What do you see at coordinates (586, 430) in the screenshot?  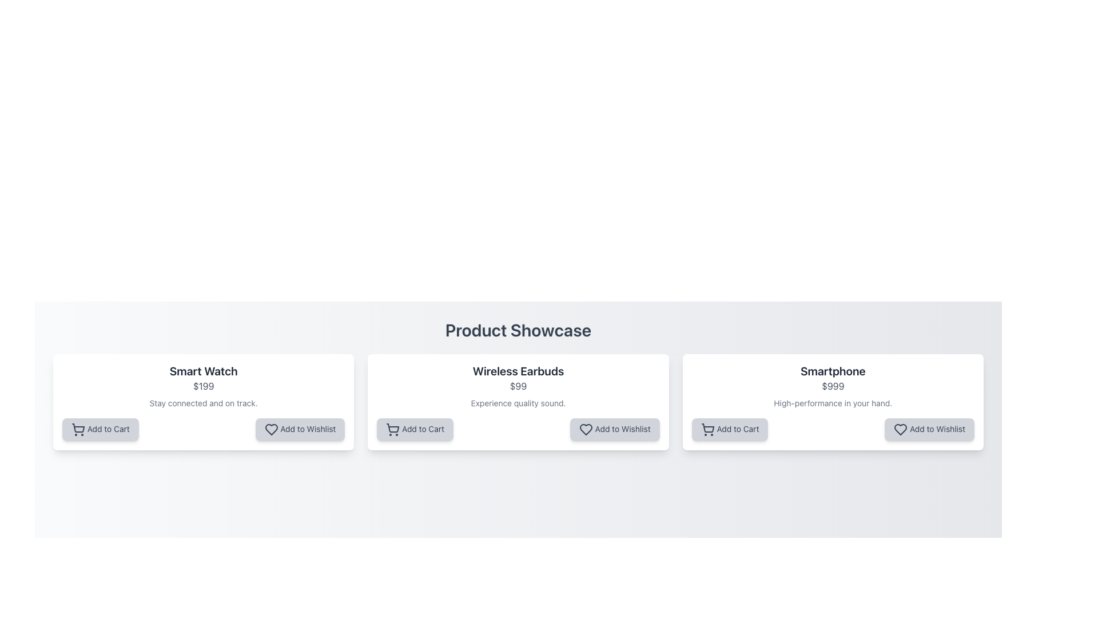 I see `the heart-shaped 'Wishlist' icon within the 'Add to Wishlist' button on the 'Wireless Earbuds' product card` at bounding box center [586, 430].